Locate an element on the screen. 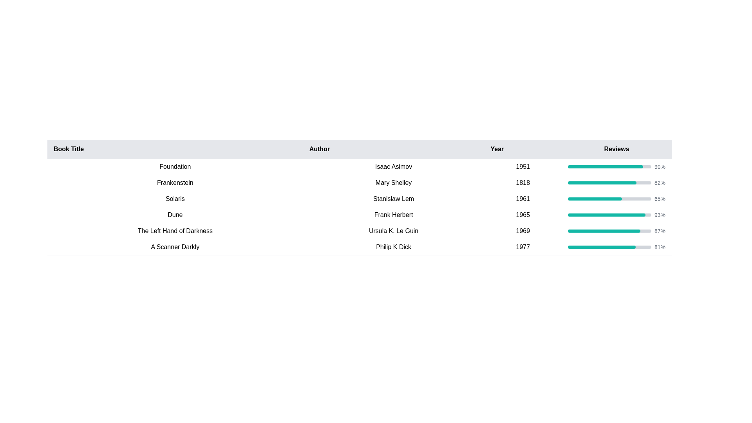 The image size is (752, 423). the progress bar representing an '81%' rating for the book 'A Scanner Darkly' located in the 'Reviews' column of the last row in the table is located at coordinates (616, 247).